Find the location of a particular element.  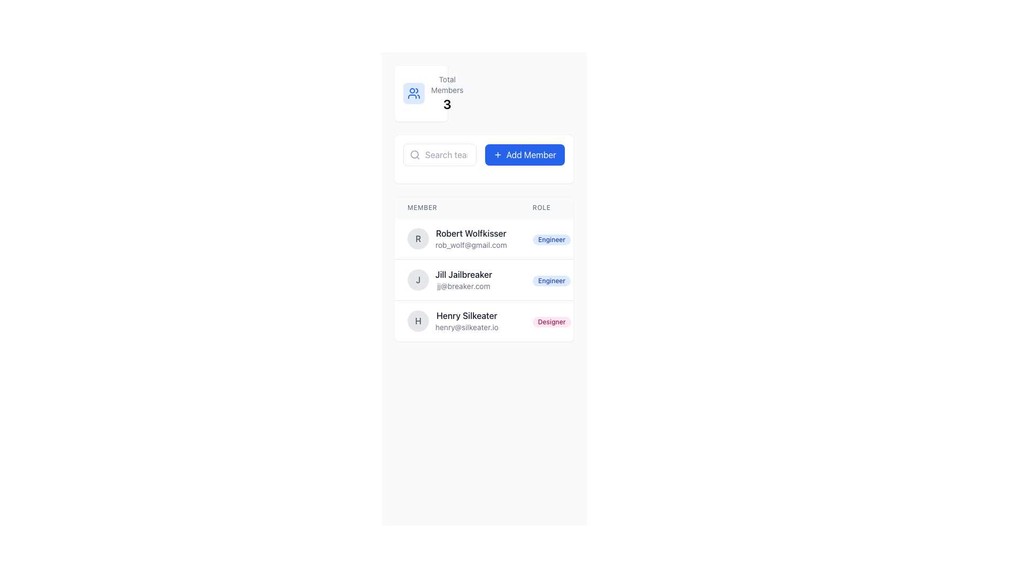

the pill-shaped label with the text 'Engineer' in a light blue background, located under the 'ROLE' header and aligned to the right of 'Jill Jailbreaker' is located at coordinates (551, 280).